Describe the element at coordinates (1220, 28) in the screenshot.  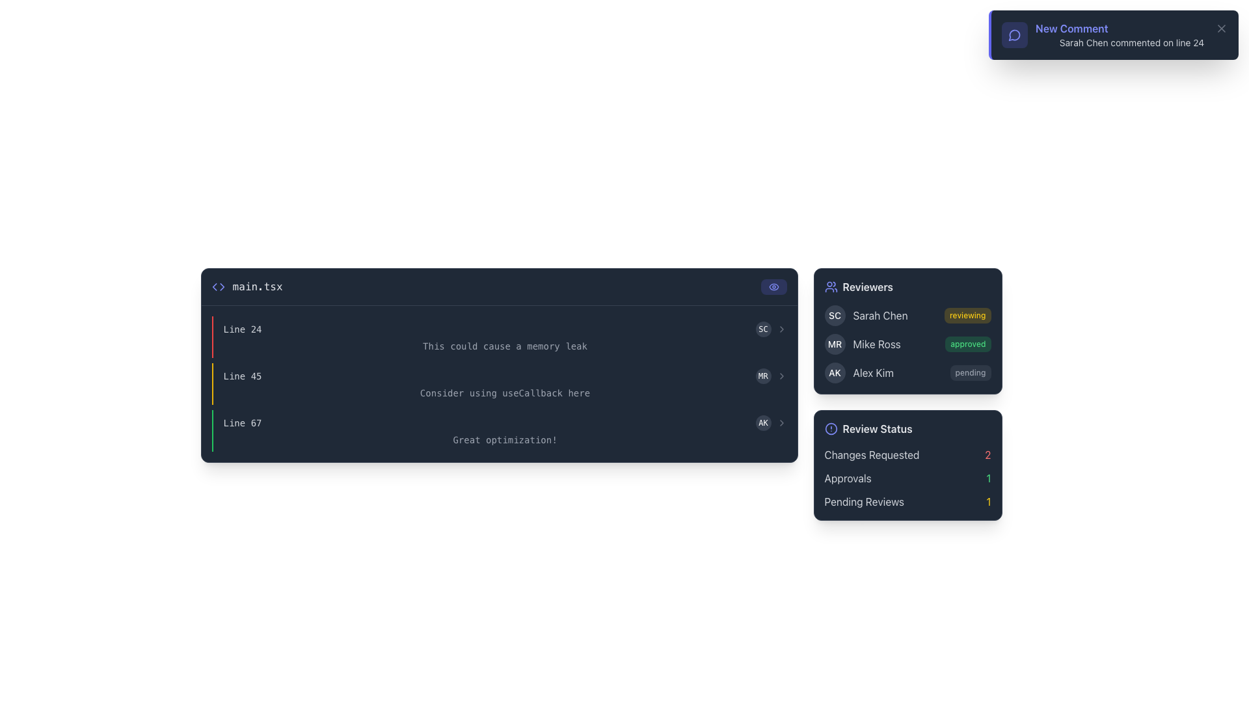
I see `the close ('X') button icon located in the top-right corner of the notification card that contains the message 'New Comment' from 'Sarah Chen'` at that location.